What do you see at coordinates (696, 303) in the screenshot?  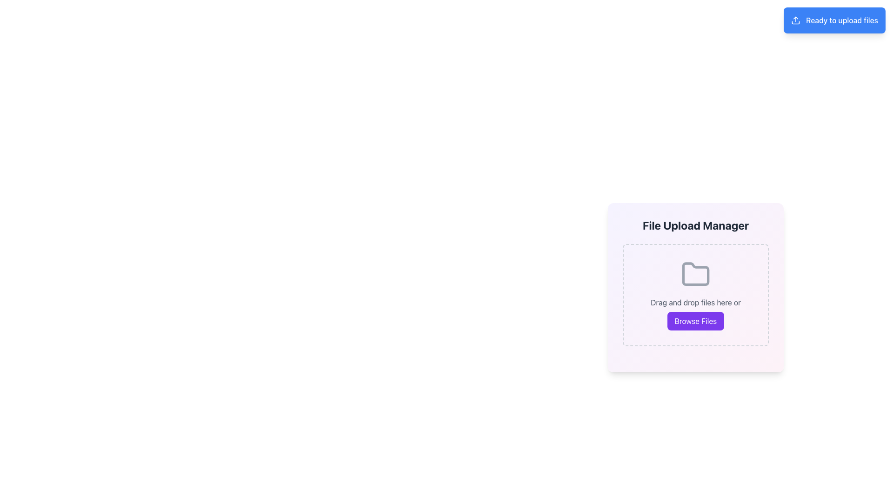 I see `the text label that provides user instructions for uploading files, which is positioned below the folder icon and above the 'Browse Files' button` at bounding box center [696, 303].